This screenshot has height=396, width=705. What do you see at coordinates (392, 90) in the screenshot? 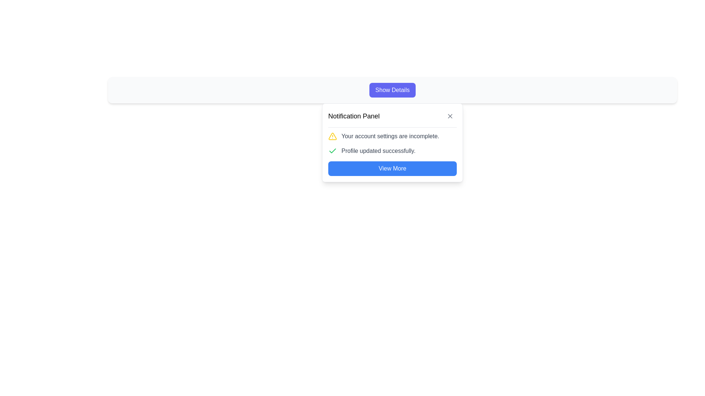
I see `the button that reveals additional information, located at the top of the view` at bounding box center [392, 90].